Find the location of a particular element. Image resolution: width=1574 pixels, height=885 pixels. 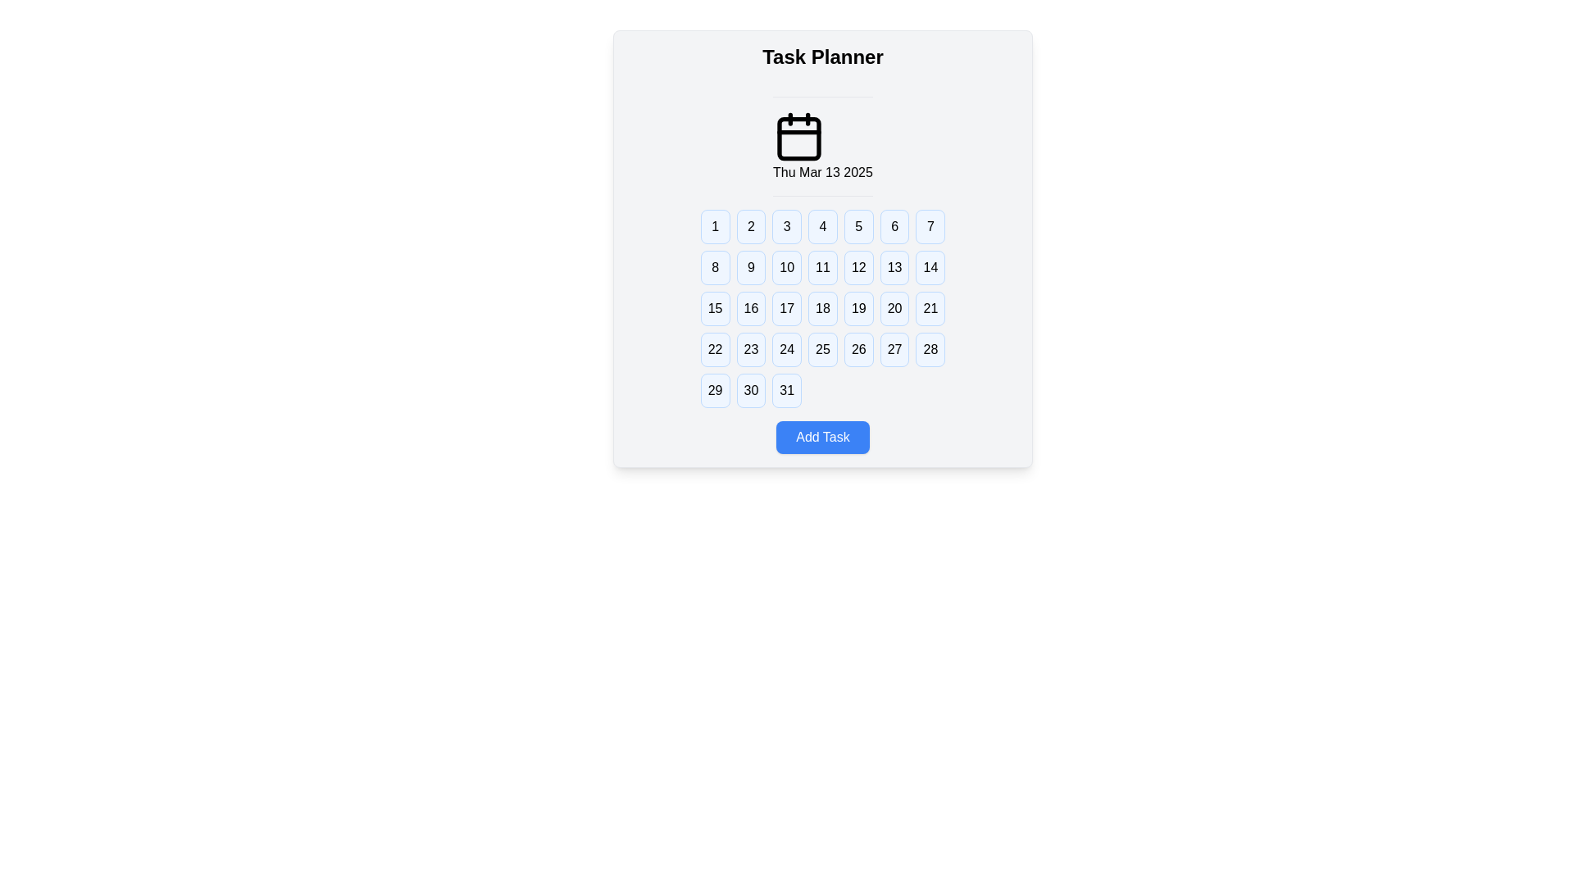

the Calendar Display with Date Text showing 'Thu Mar 13 2025' located beneath the 'Task Planner' header to know the current date is located at coordinates (822, 145).